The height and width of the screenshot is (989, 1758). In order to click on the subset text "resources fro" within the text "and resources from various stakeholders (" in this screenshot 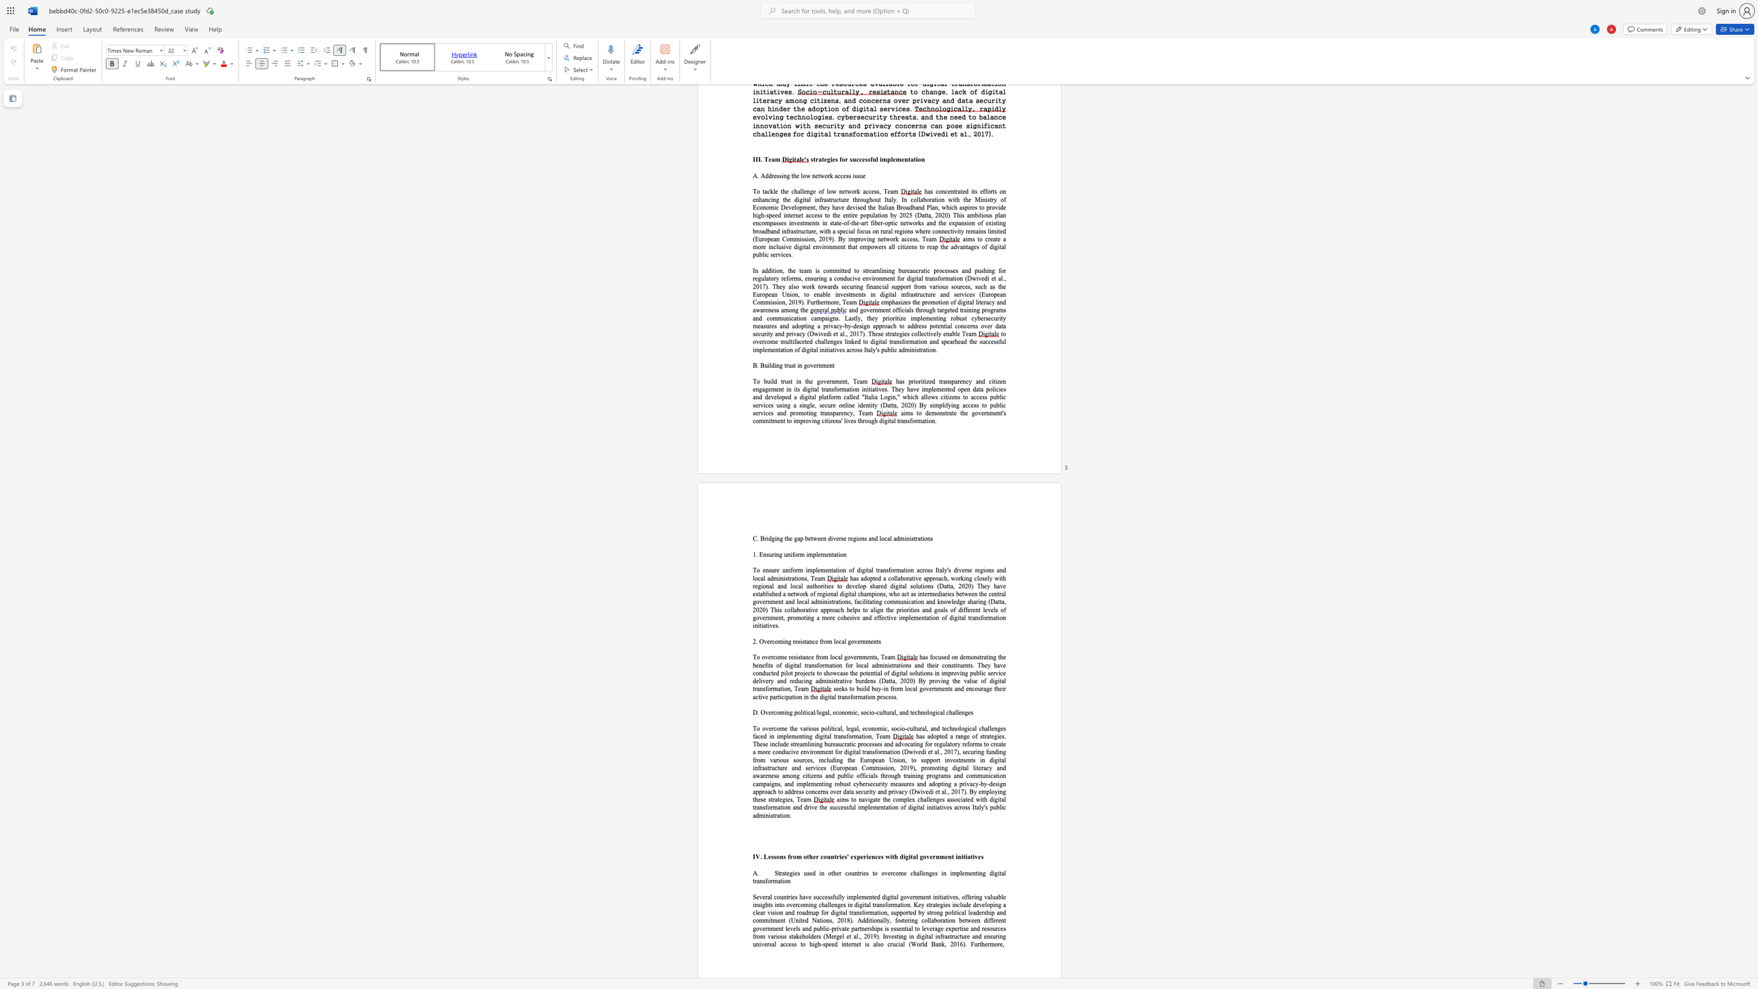, I will do `click(981, 928)`.